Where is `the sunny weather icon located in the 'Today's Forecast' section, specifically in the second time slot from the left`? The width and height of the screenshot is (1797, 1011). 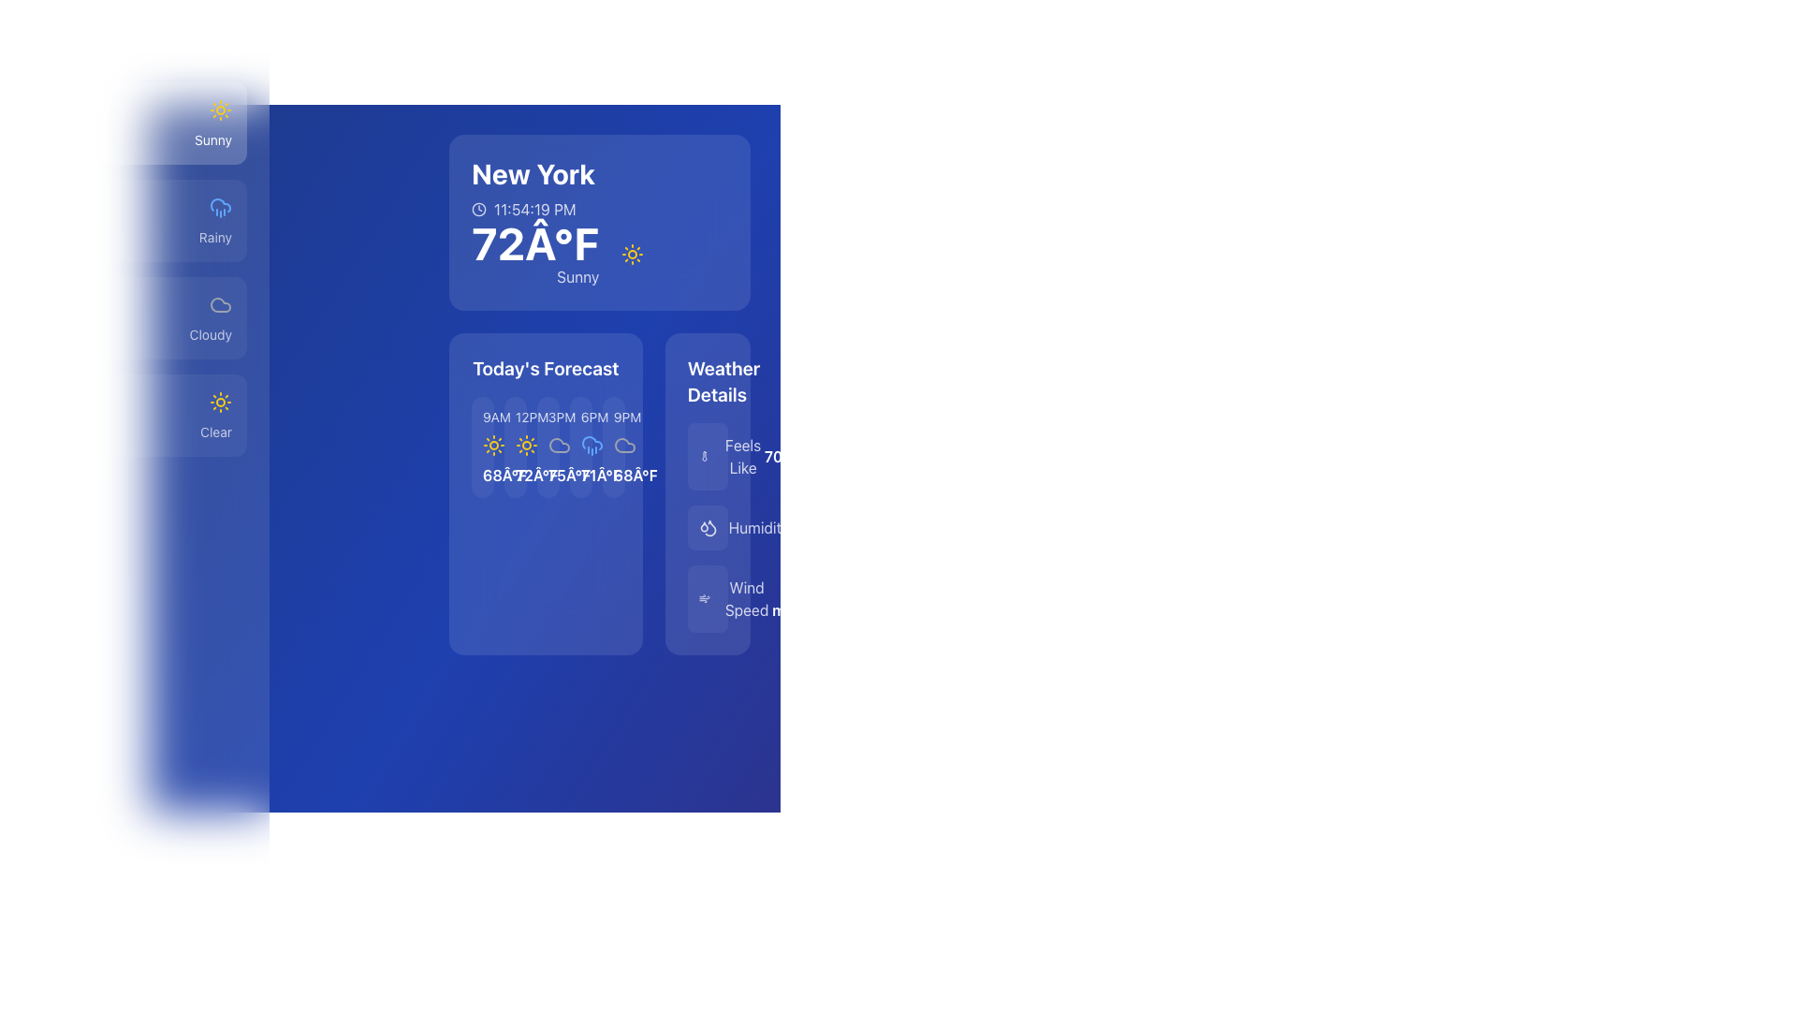
the sunny weather icon located in the 'Today's Forecast' section, specifically in the second time slot from the left is located at coordinates (494, 445).